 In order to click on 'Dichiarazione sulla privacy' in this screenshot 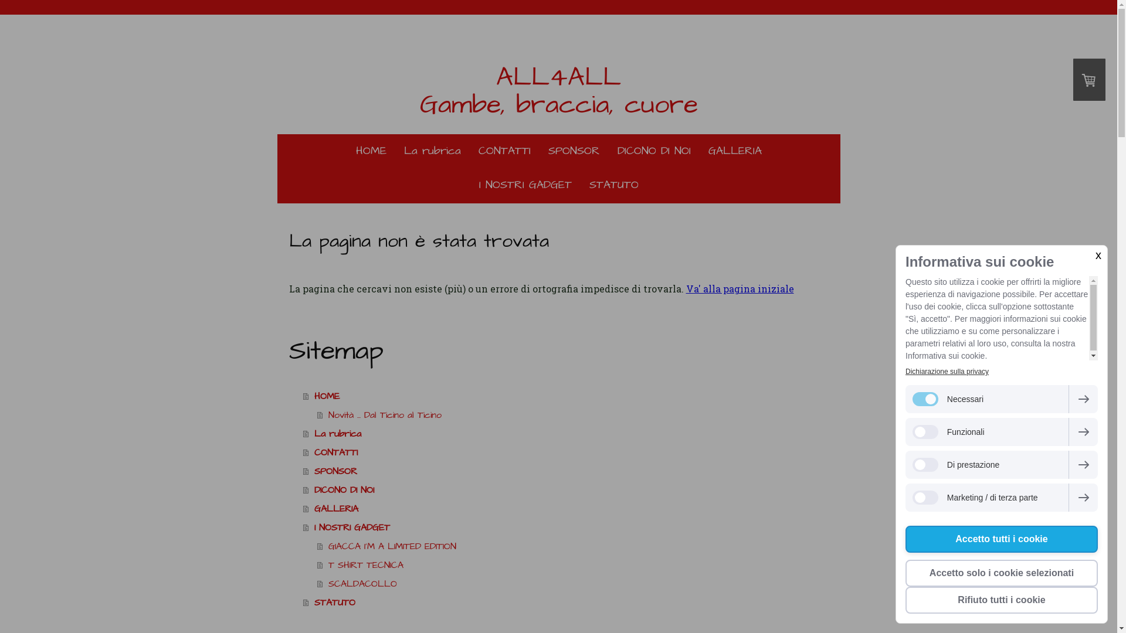, I will do `click(947, 371)`.